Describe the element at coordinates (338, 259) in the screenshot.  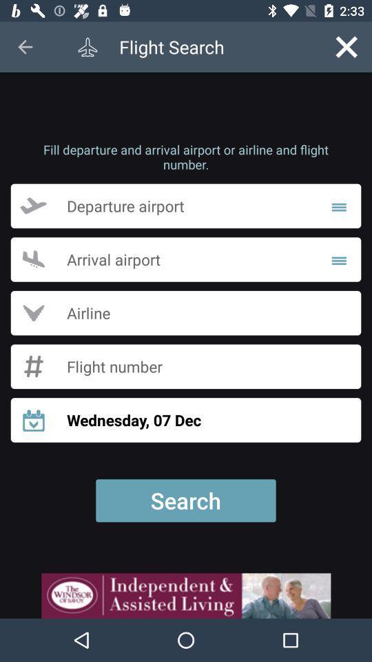
I see `three horizontal lines next to arrival airport` at that location.